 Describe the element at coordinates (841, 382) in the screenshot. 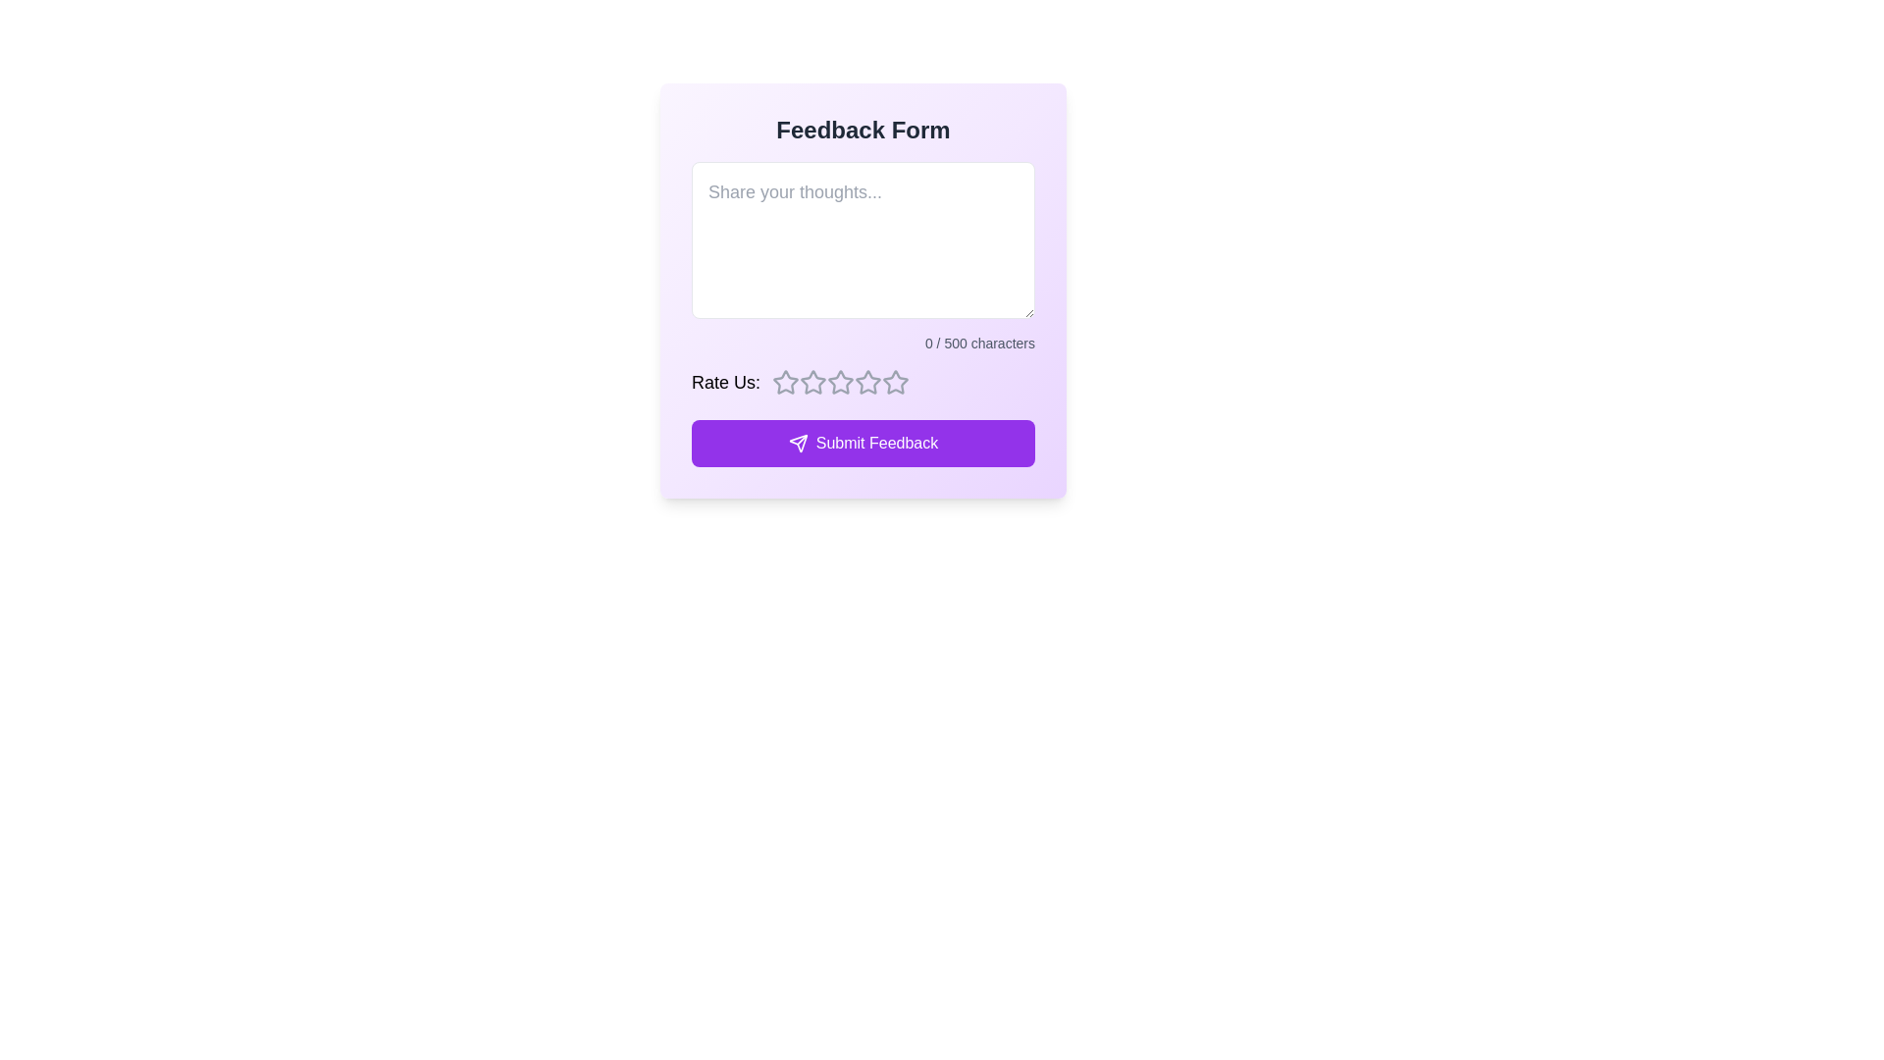

I see `on the third star icon in the rating system located under the text 'Rate Us:'` at that location.